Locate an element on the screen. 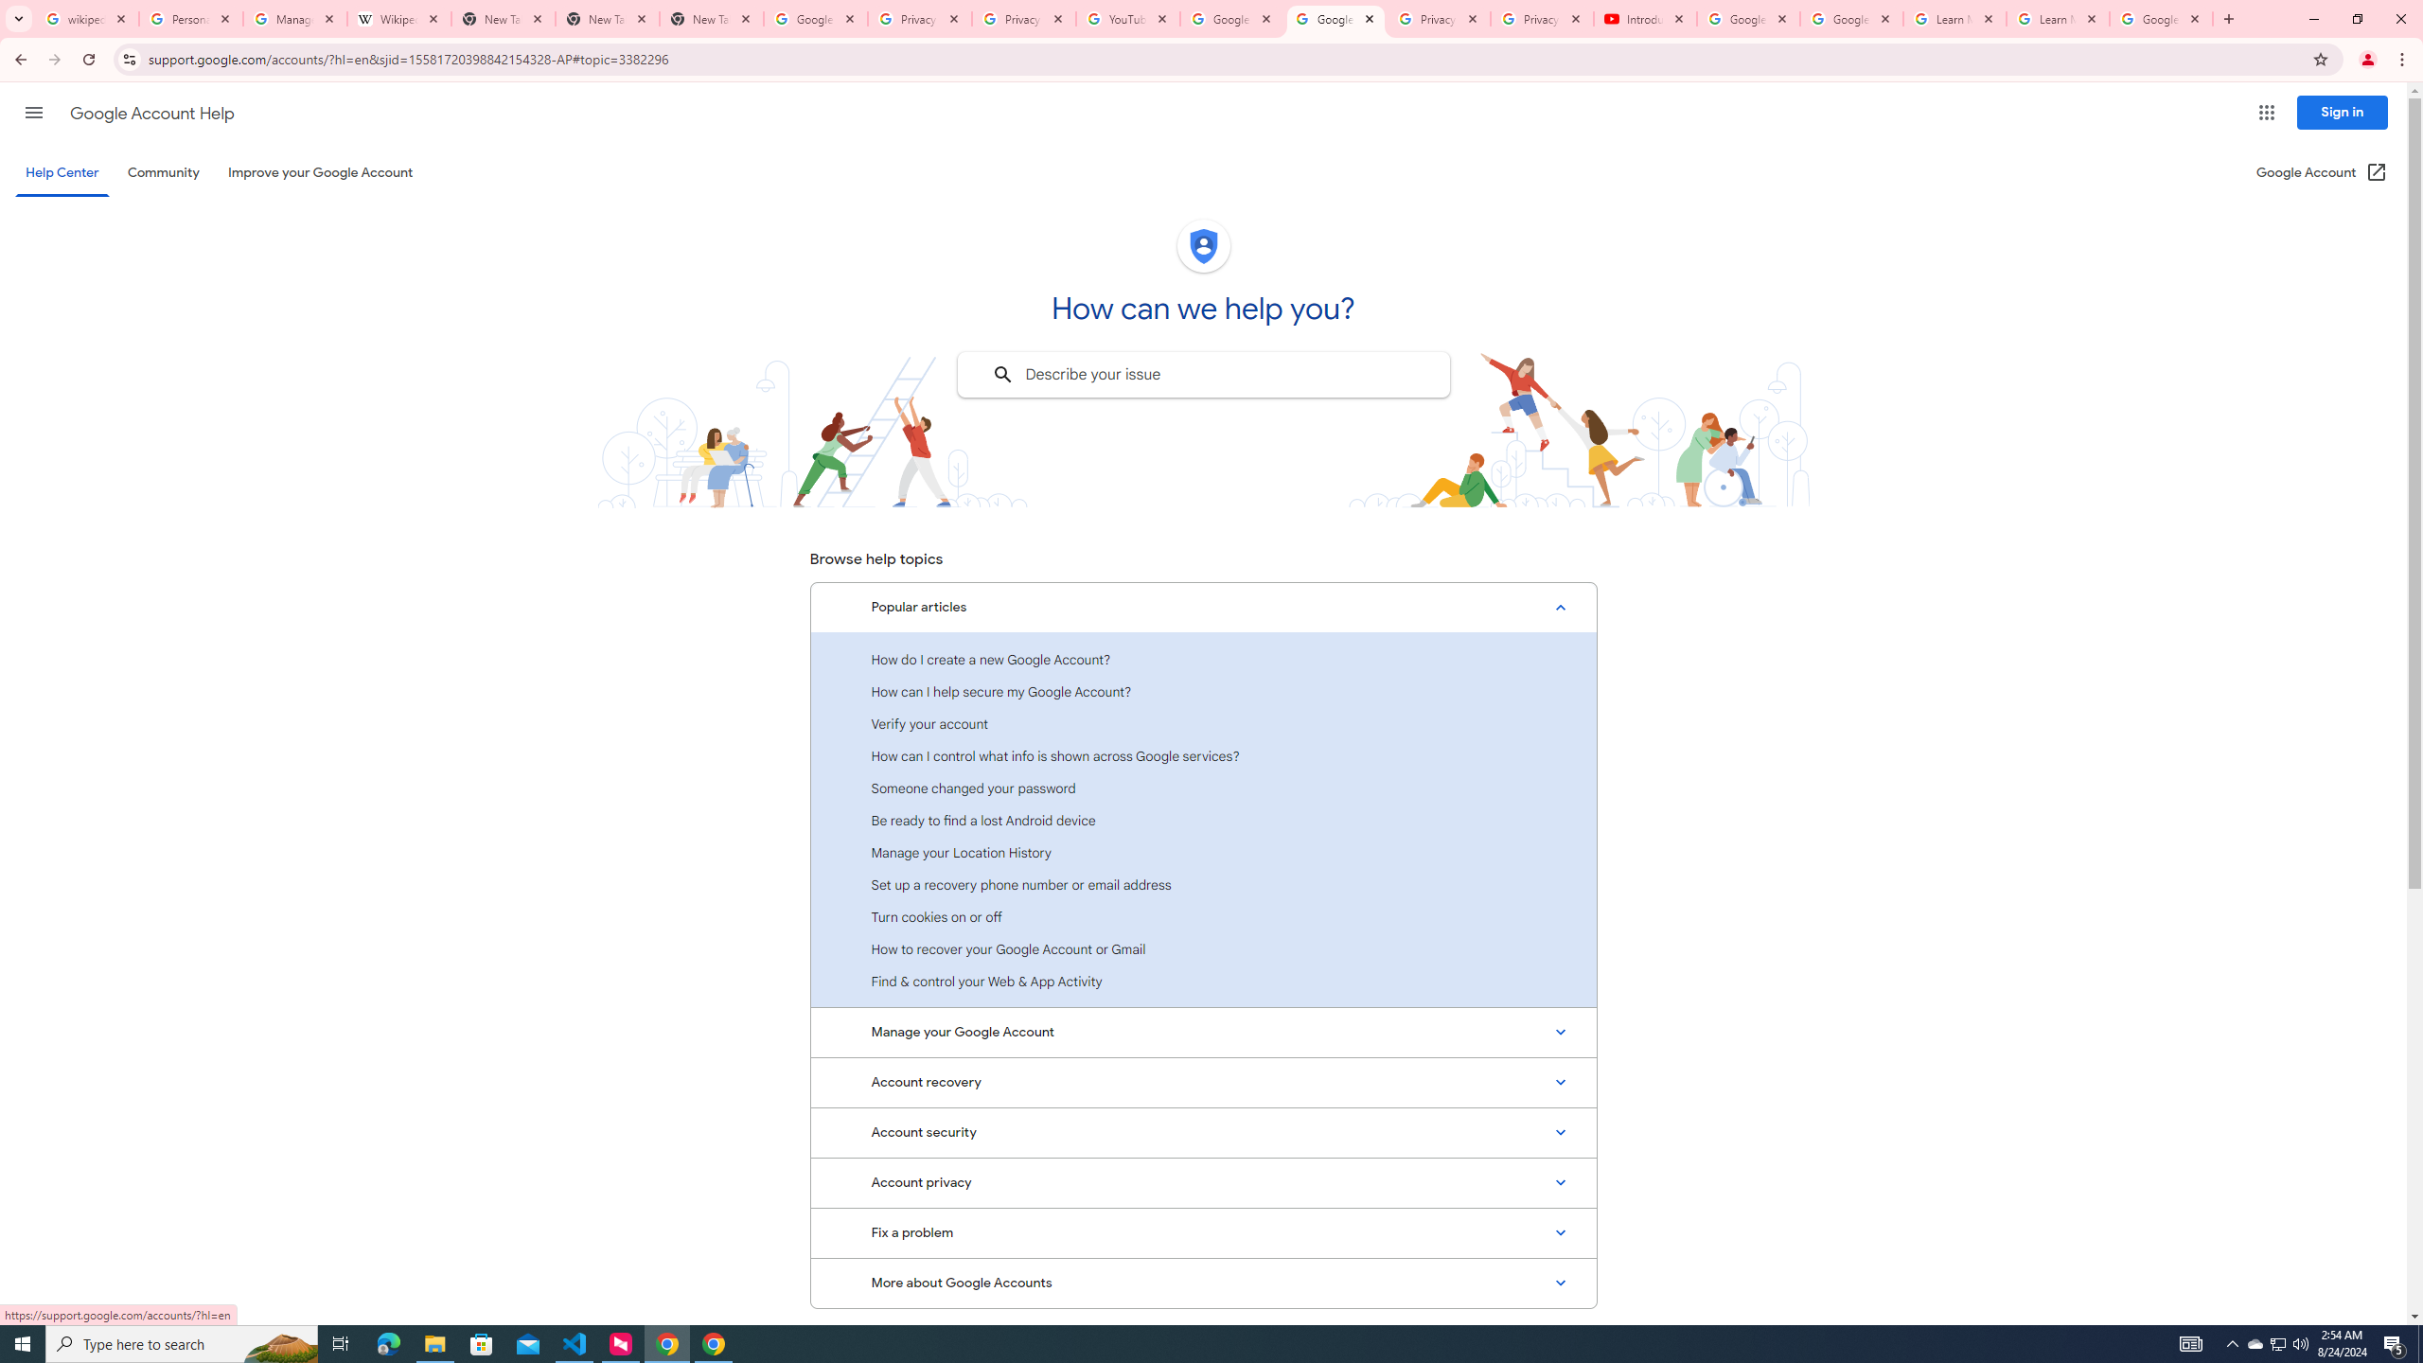 The height and width of the screenshot is (1363, 2423). 'How do I create a new Google Account?' is located at coordinates (1203, 659).